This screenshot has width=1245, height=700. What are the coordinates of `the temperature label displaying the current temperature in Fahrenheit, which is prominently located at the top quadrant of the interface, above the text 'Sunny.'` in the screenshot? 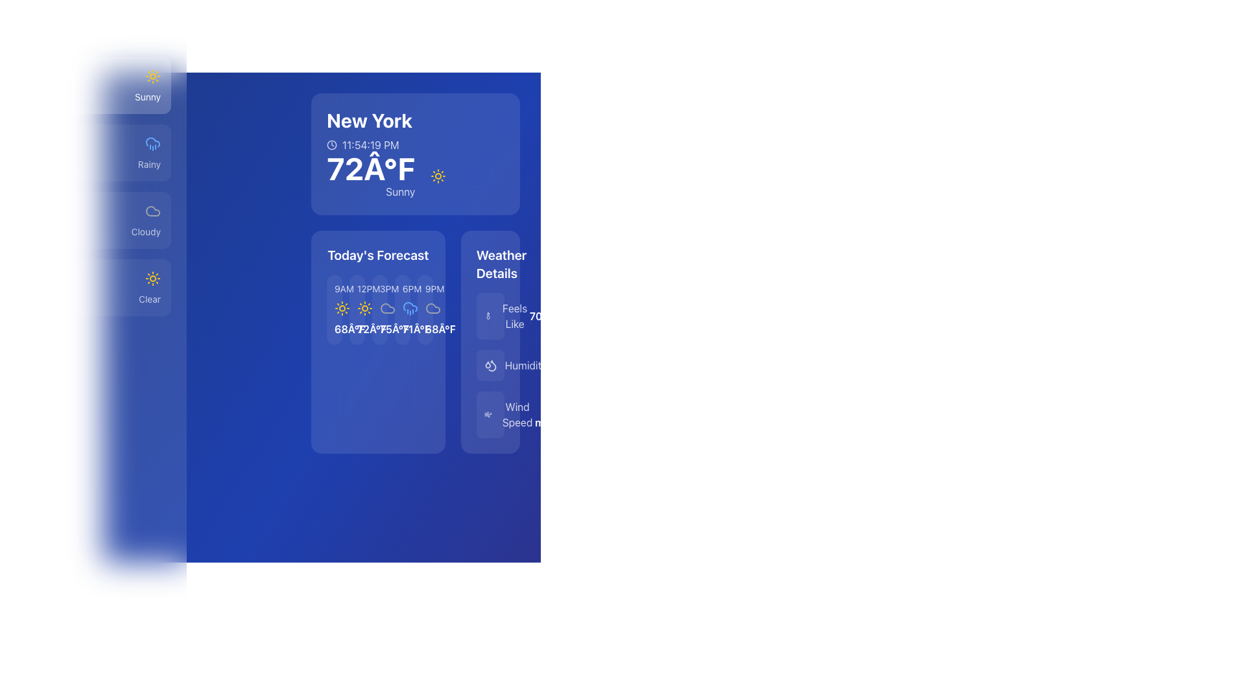 It's located at (370, 167).